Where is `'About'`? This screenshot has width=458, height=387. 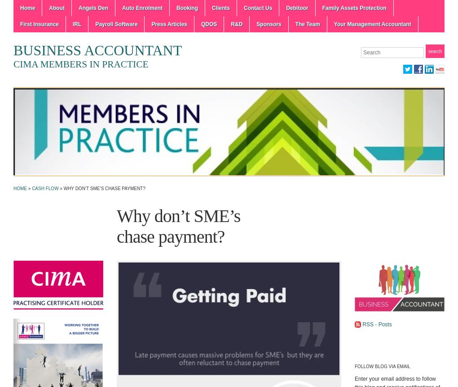
'About' is located at coordinates (56, 8).